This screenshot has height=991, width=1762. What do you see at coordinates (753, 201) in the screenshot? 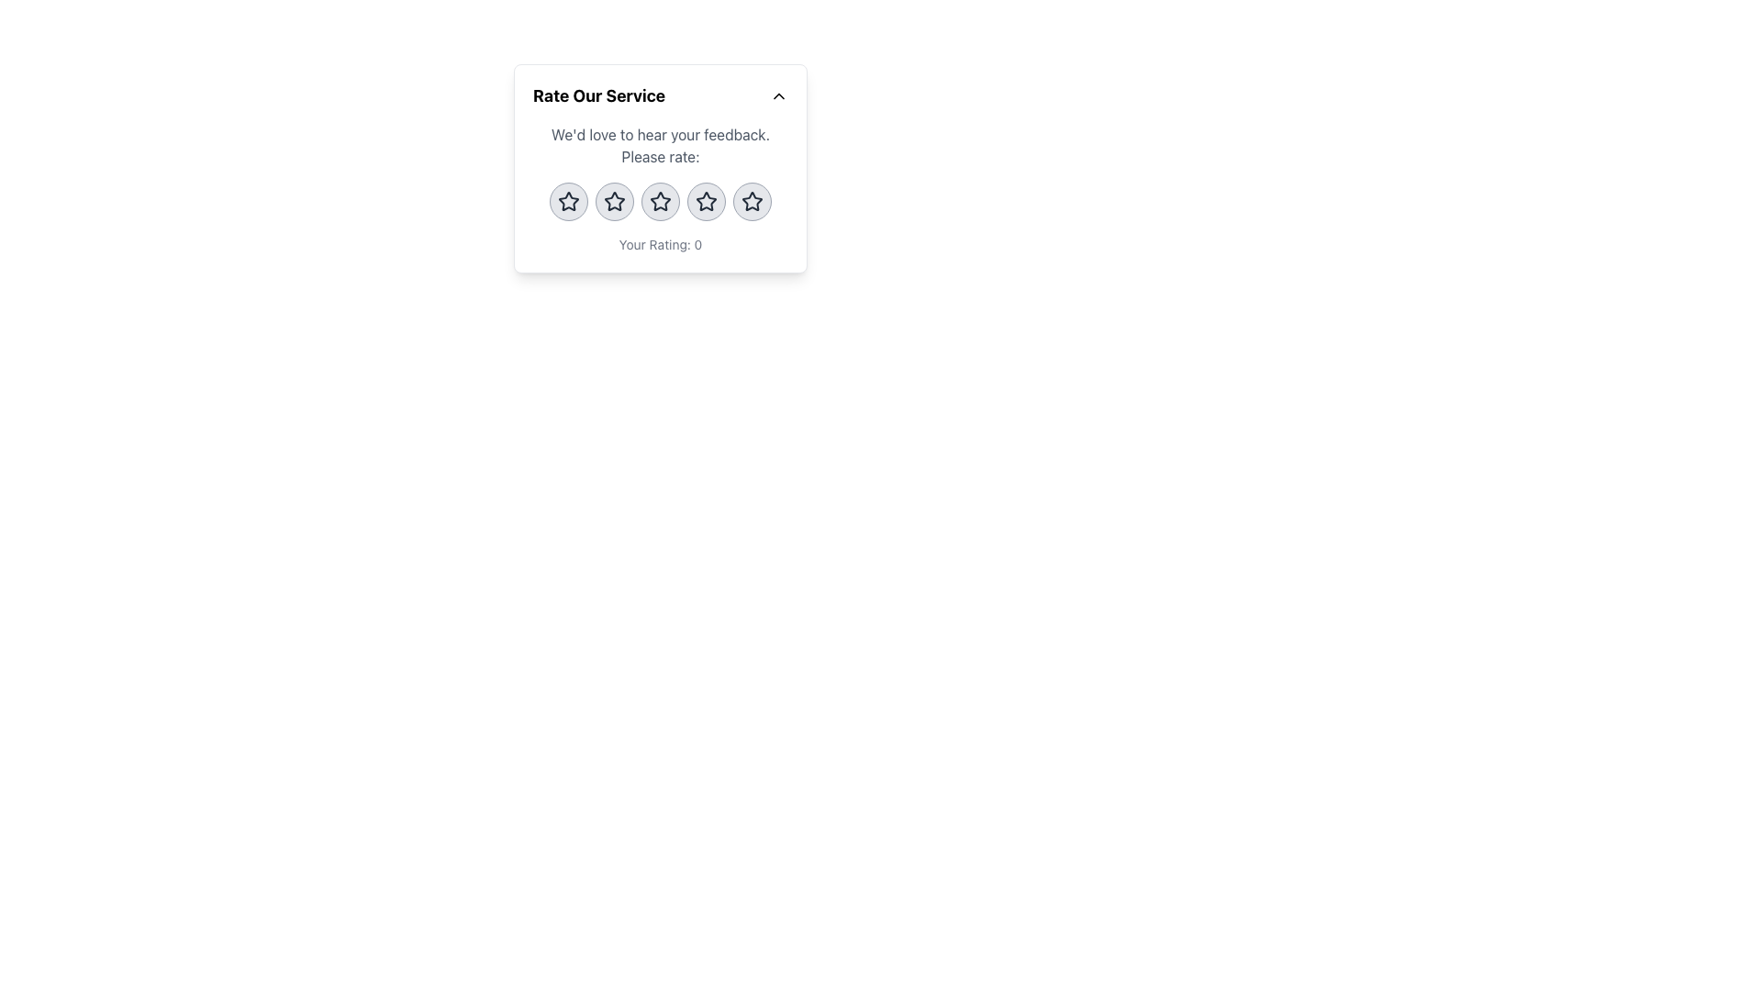
I see `the rightmost star icon used for rating services` at bounding box center [753, 201].